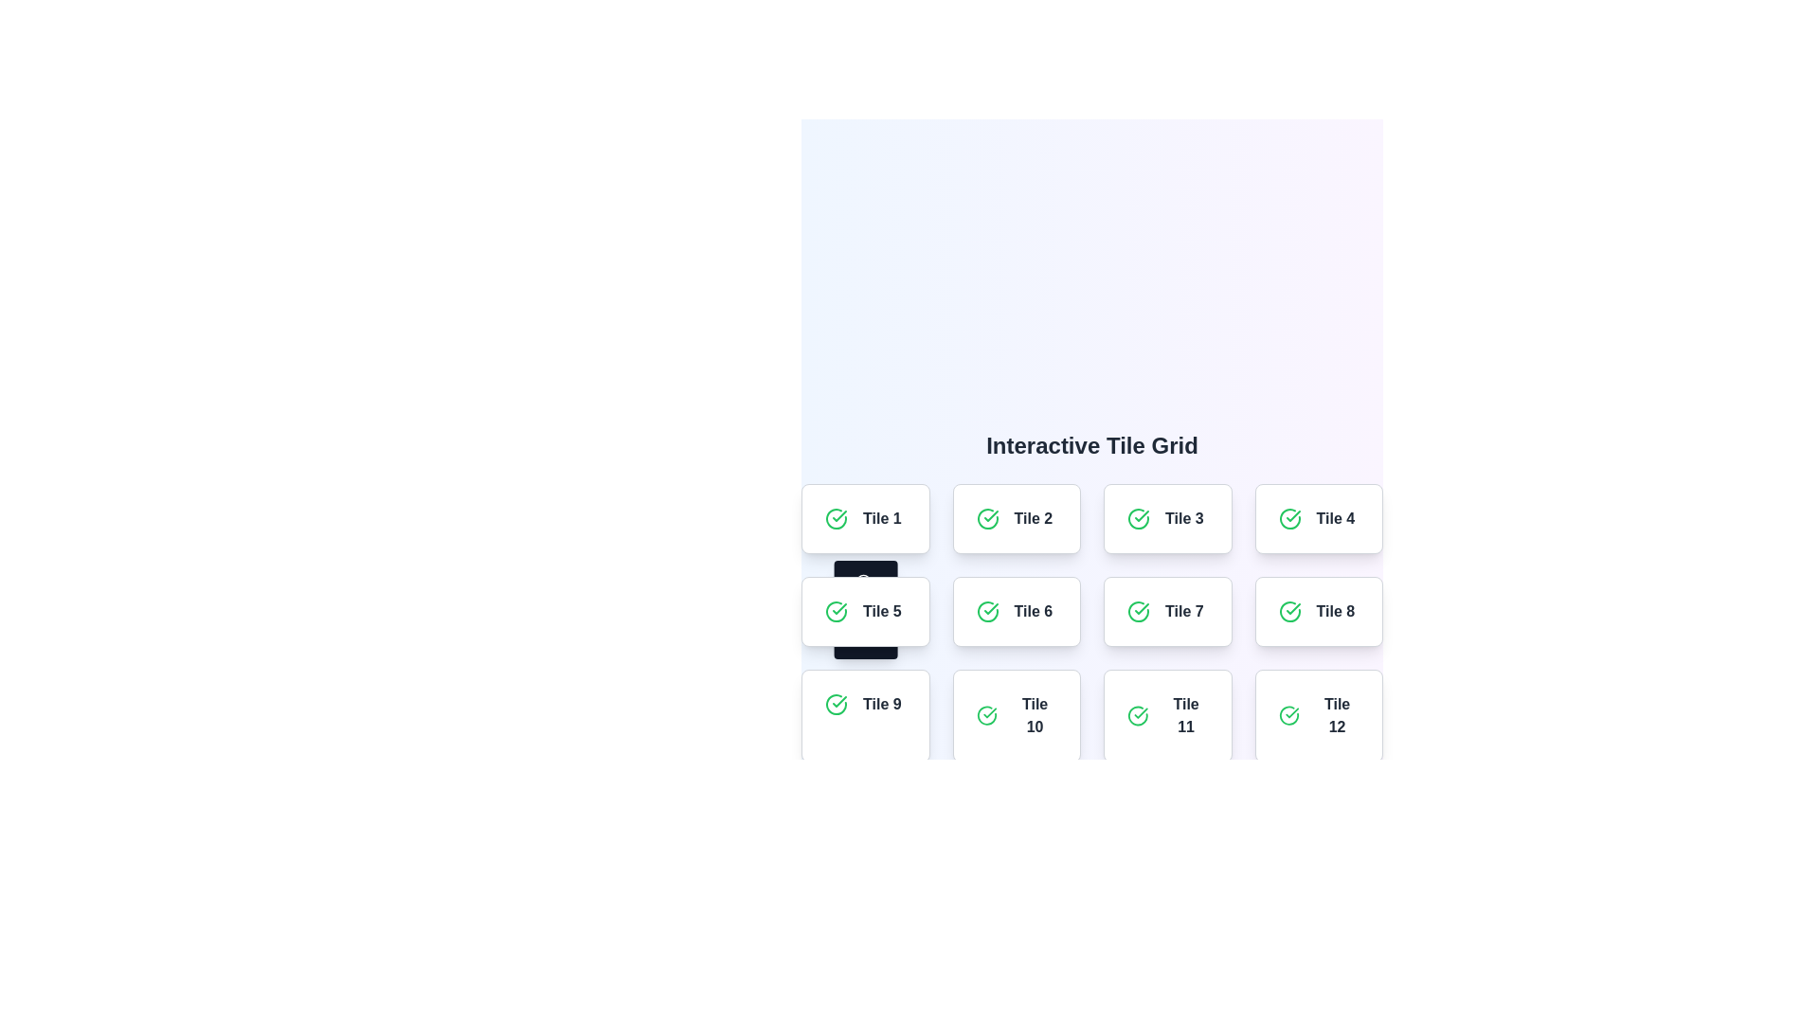 This screenshot has height=1023, width=1819. What do you see at coordinates (864, 716) in the screenshot?
I see `the element labeled 'Tile 9' which is the first tile in the third row of the grid layout for interaction` at bounding box center [864, 716].